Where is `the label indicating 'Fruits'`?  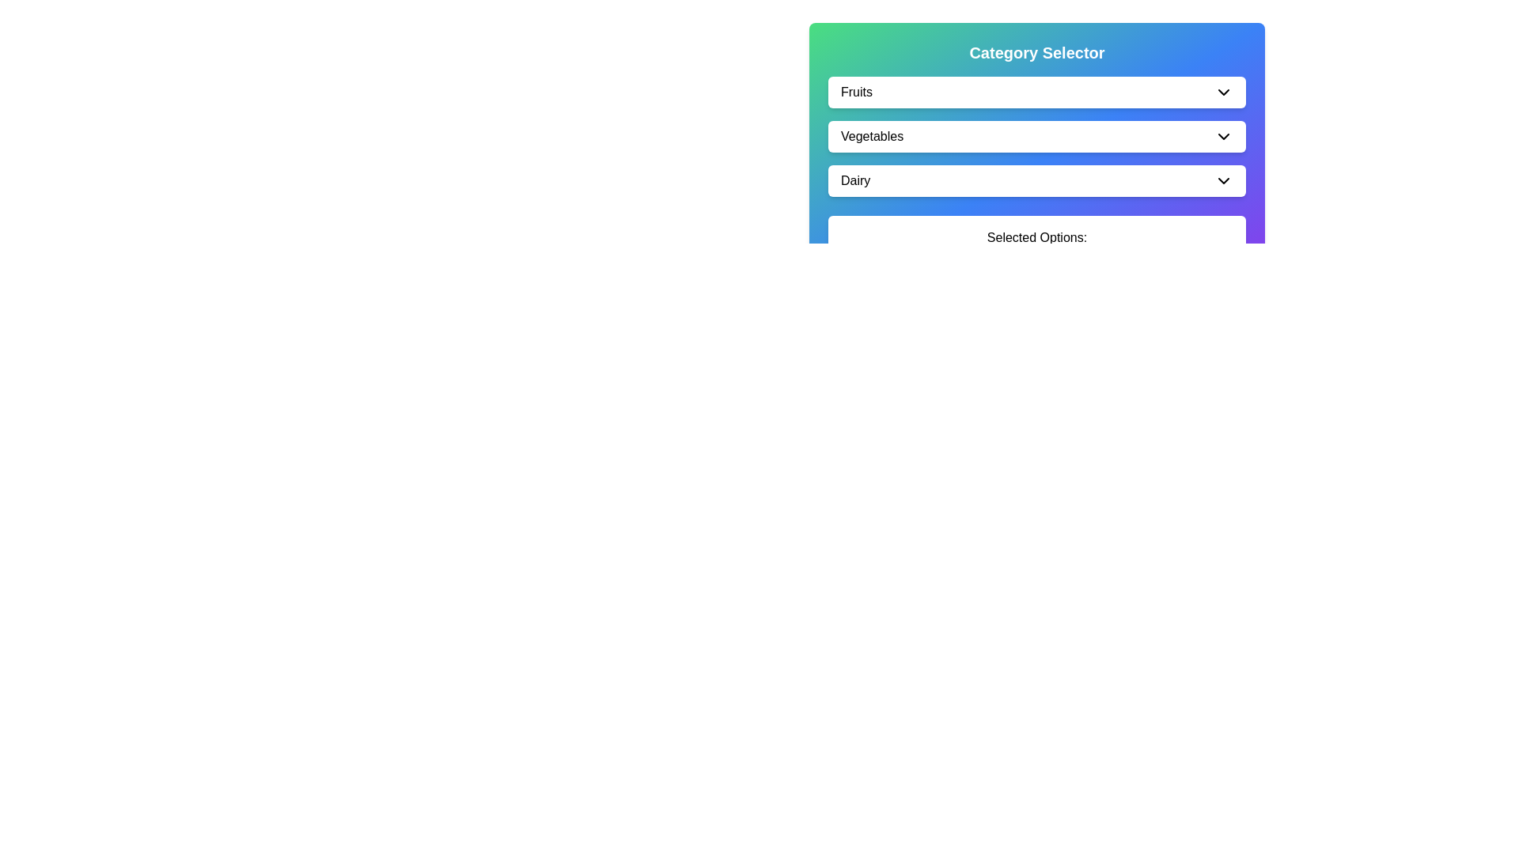 the label indicating 'Fruits' is located at coordinates (856, 92).